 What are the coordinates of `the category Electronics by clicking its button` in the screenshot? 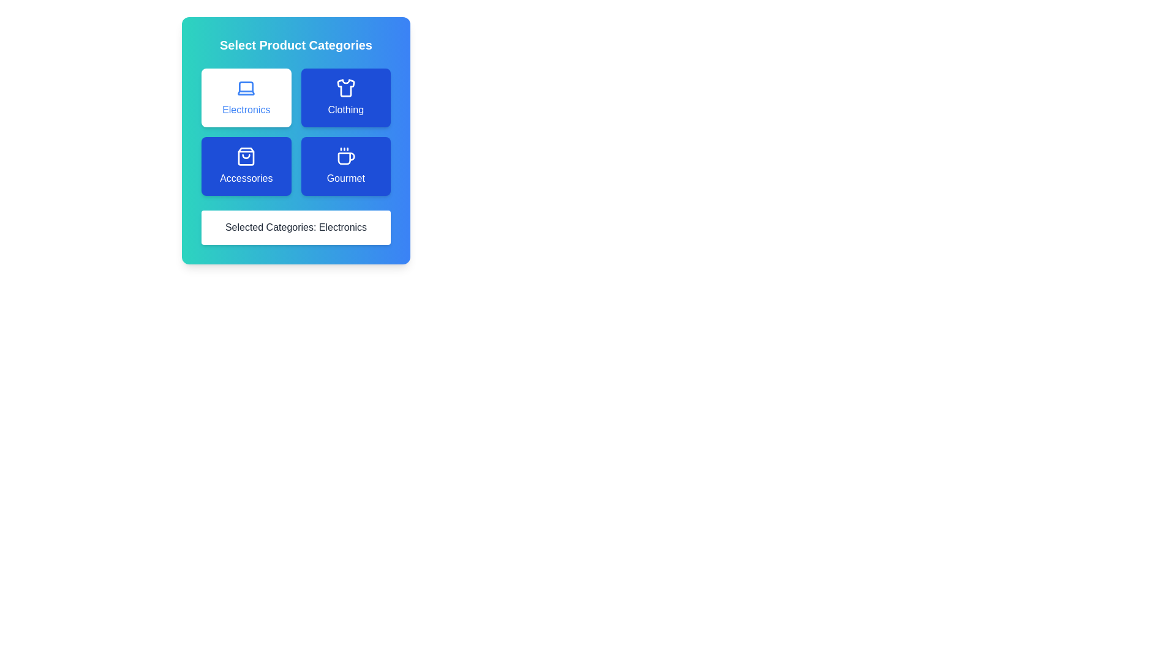 It's located at (246, 97).